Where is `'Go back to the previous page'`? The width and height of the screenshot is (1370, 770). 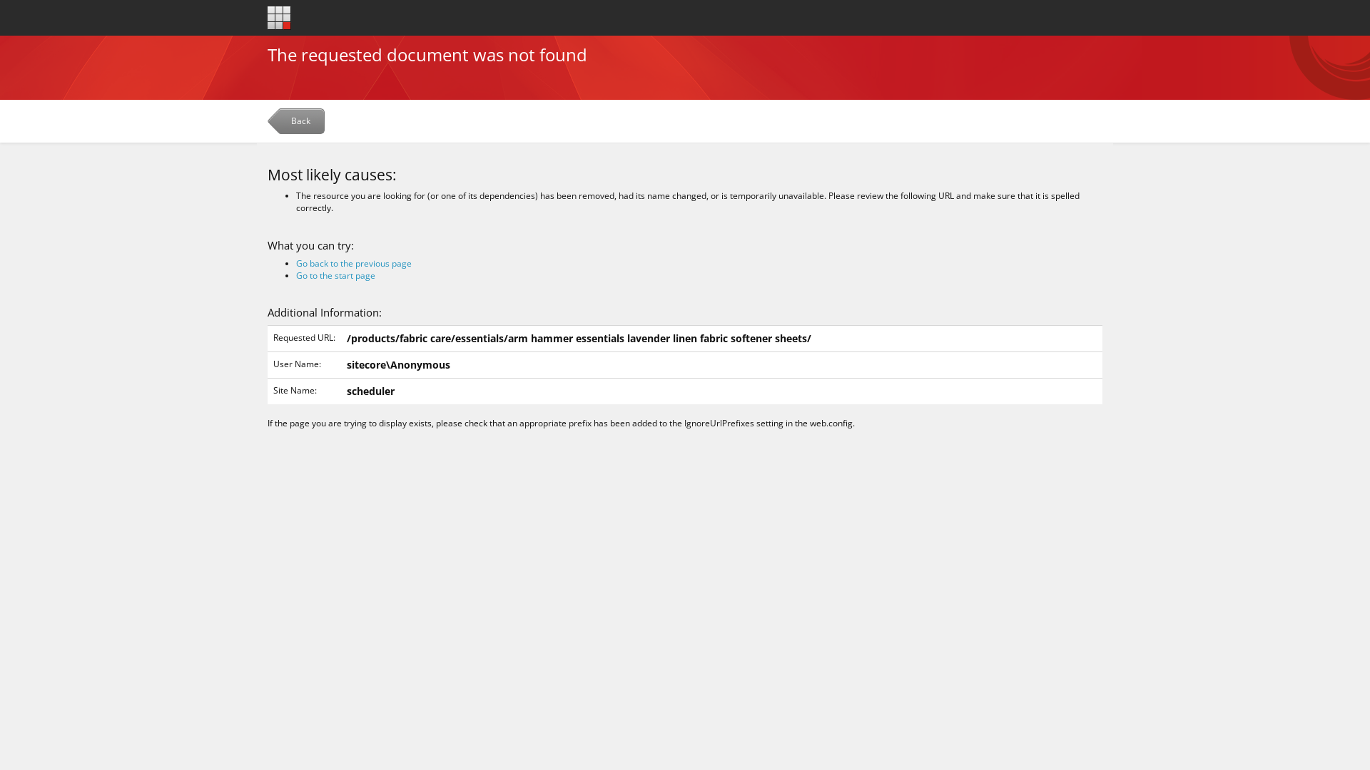 'Go back to the previous page' is located at coordinates (353, 263).